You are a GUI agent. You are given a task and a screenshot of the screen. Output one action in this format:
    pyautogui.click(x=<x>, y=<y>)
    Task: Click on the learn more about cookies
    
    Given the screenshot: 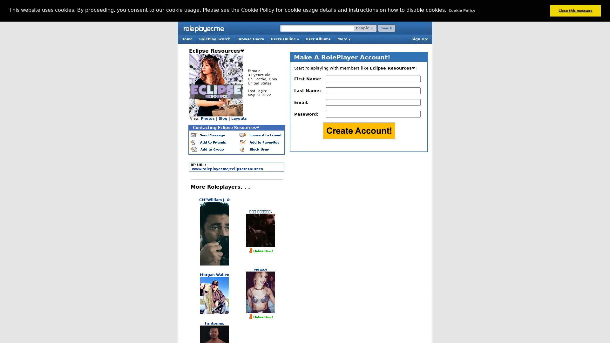 What is the action you would take?
    pyautogui.click(x=462, y=10)
    